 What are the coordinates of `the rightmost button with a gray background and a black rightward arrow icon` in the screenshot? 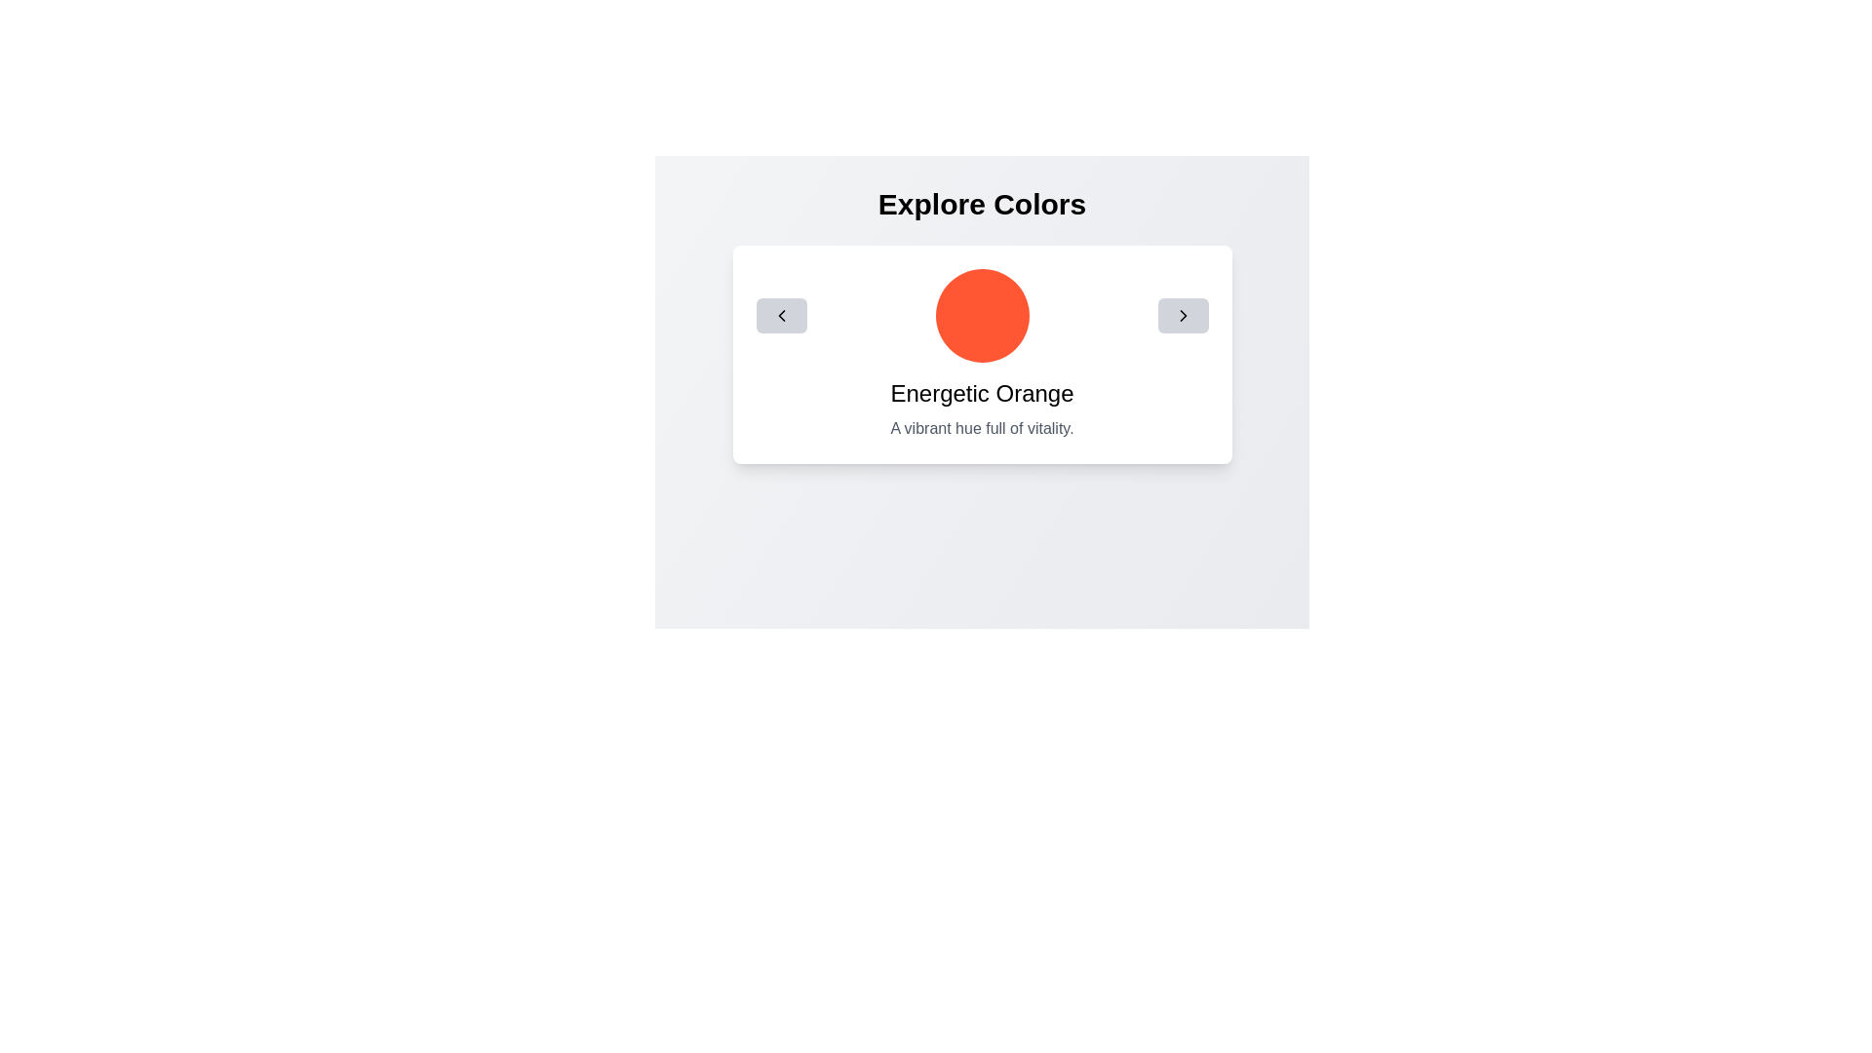 It's located at (1182, 315).